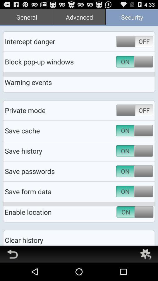  Describe the element at coordinates (12, 254) in the screenshot. I see `previous` at that location.